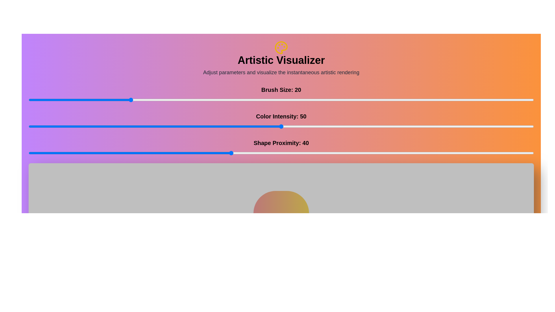  What do you see at coordinates (372, 153) in the screenshot?
I see `the 'Shape Proximity' slider to 68 value` at bounding box center [372, 153].